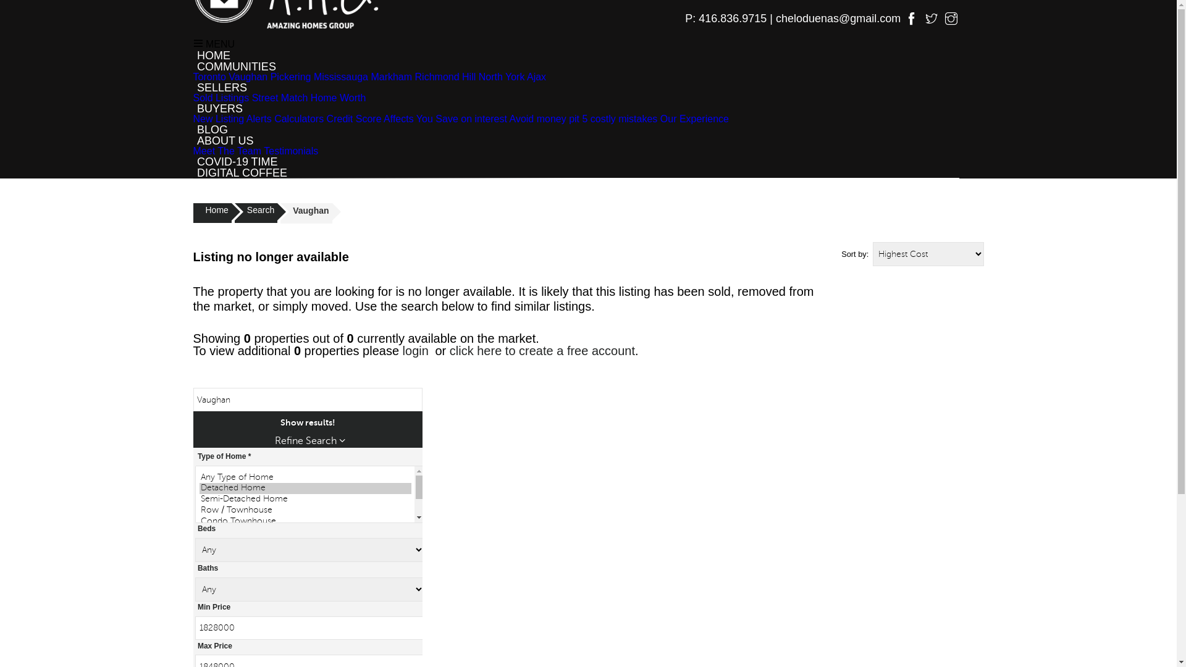 This screenshot has width=1186, height=667. Describe the element at coordinates (527, 77) in the screenshot. I see `'Ajax'` at that location.